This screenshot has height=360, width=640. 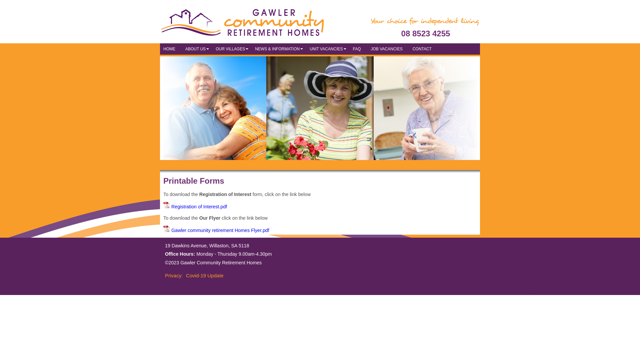 I want to click on 'CONTACT', so click(x=423, y=48).